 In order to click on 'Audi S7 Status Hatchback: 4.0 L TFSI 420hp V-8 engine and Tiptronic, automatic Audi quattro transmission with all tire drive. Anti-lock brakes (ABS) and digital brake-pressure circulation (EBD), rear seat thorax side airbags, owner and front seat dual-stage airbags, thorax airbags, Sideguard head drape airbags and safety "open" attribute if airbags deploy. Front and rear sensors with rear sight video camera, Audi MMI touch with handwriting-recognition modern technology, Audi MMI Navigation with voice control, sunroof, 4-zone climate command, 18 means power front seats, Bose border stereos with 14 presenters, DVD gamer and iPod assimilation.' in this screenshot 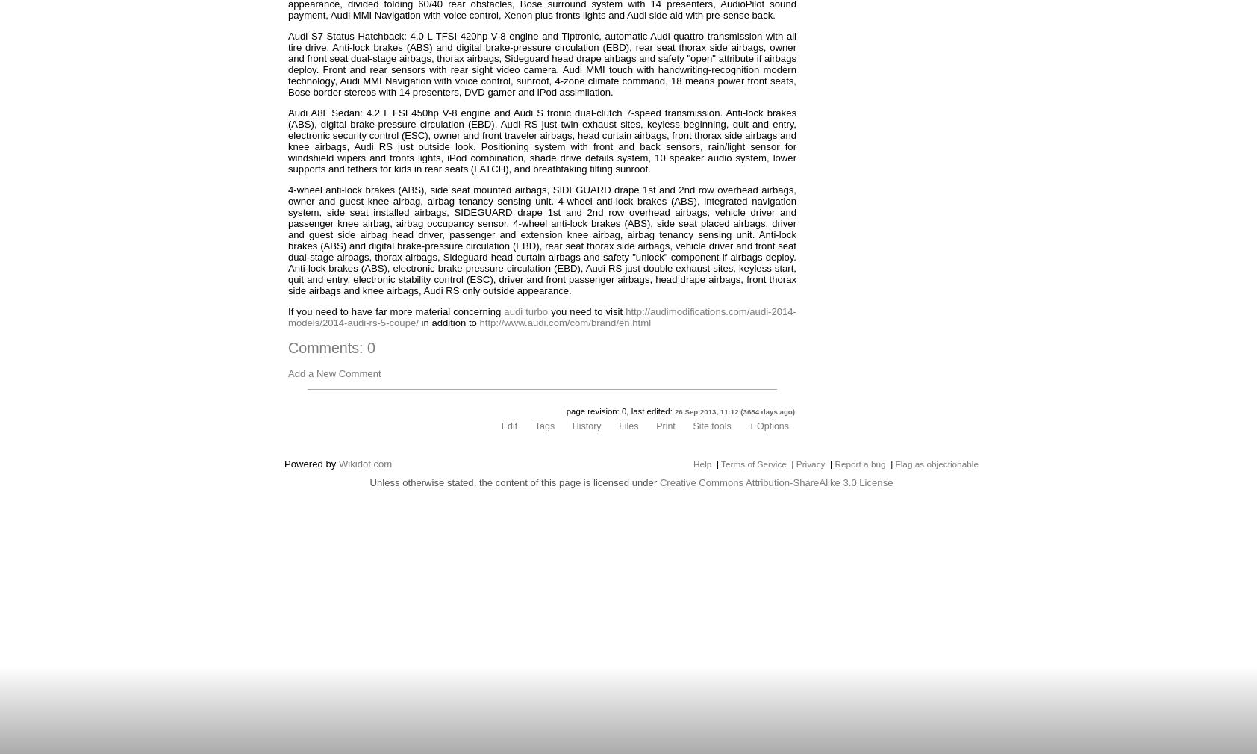, I will do `click(287, 63)`.